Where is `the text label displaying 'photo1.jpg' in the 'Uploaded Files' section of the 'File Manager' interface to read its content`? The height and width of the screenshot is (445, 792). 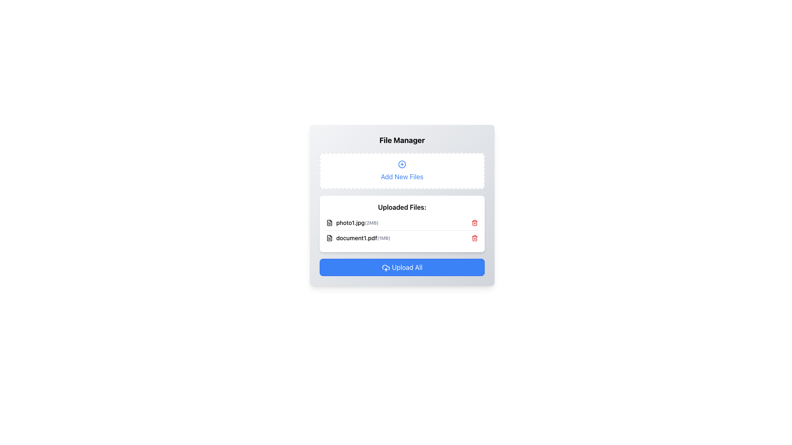 the text label displaying 'photo1.jpg' in the 'Uploaded Files' section of the 'File Manager' interface to read its content is located at coordinates (350, 222).